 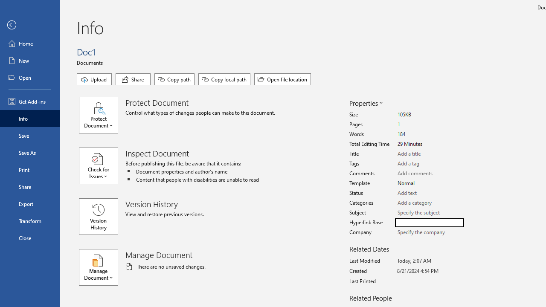 I want to click on 'Subject', so click(x=429, y=212).